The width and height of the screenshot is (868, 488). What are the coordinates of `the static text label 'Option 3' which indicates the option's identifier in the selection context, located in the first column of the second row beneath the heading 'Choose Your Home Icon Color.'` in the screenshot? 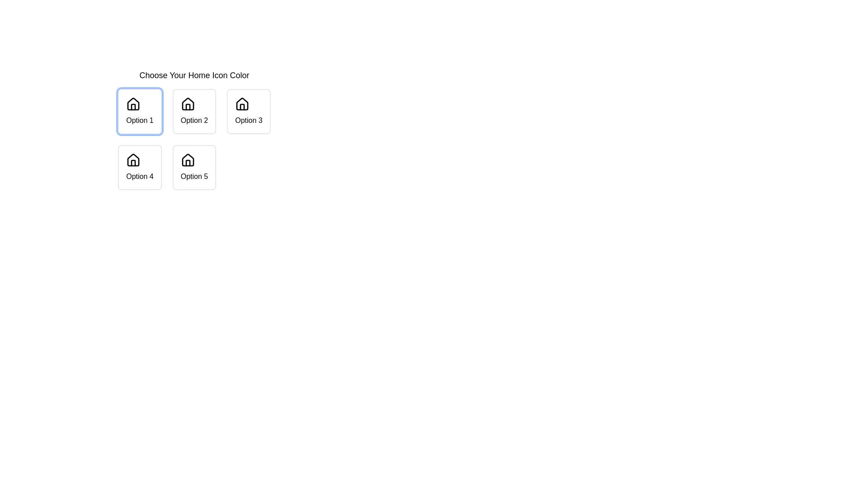 It's located at (249, 120).